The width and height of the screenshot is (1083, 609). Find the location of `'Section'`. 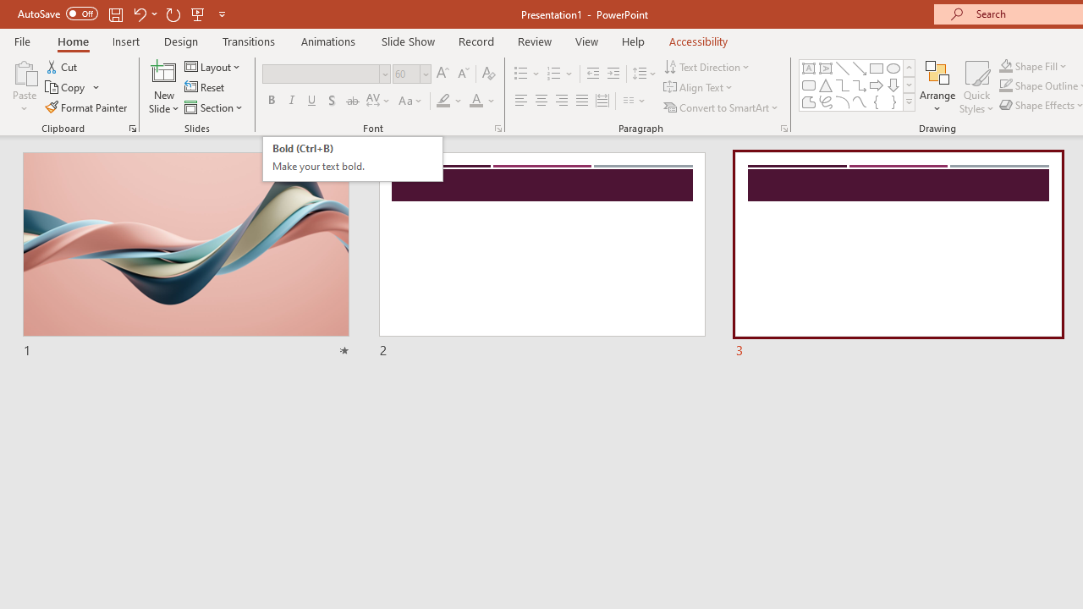

'Section' is located at coordinates (214, 107).